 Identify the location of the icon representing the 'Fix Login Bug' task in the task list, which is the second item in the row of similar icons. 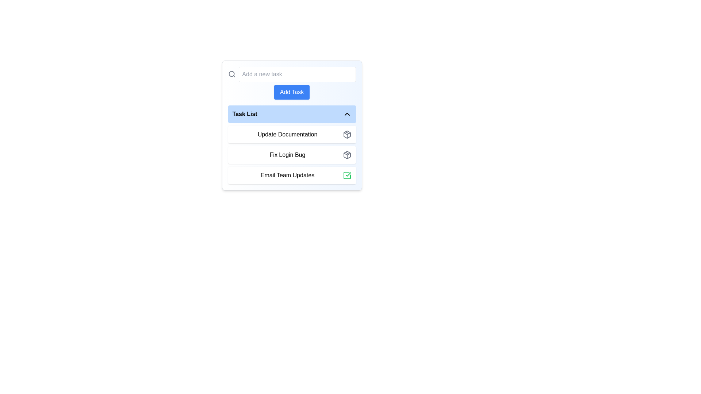
(346, 135).